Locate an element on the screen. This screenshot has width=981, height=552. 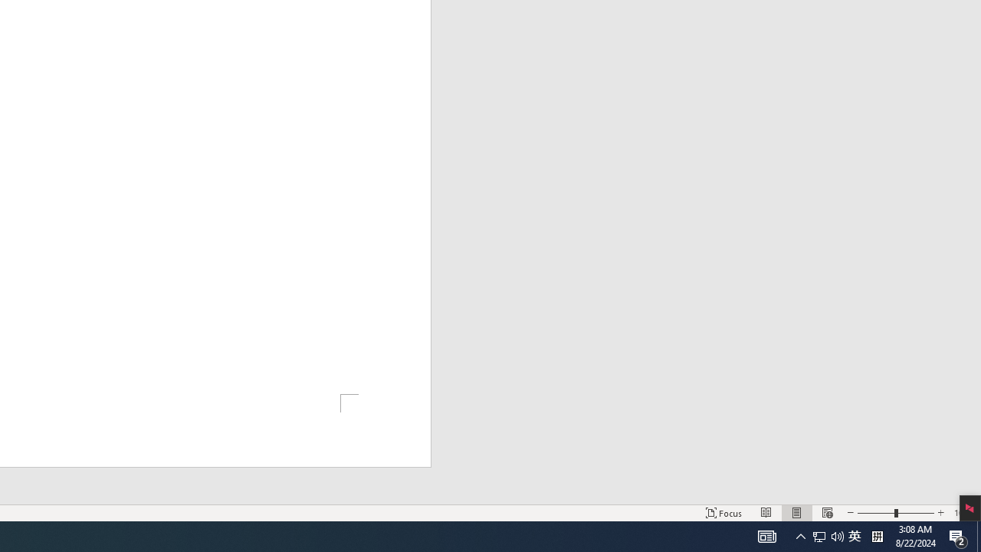
'Zoom 100%' is located at coordinates (963, 513).